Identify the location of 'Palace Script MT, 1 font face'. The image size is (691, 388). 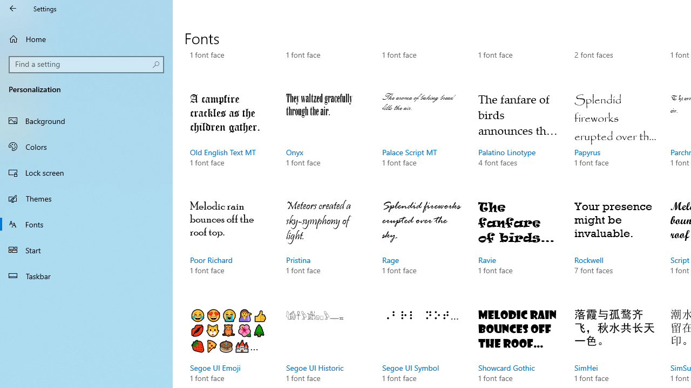
(422, 140).